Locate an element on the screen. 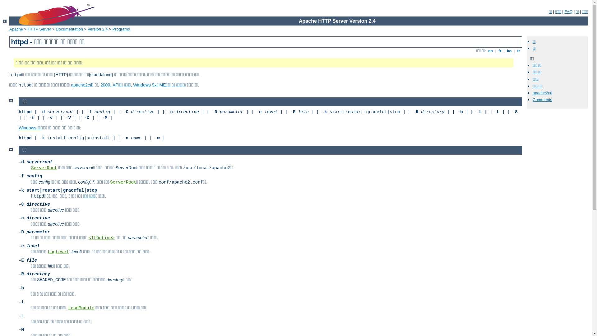  ' en ' is located at coordinates (490, 50).